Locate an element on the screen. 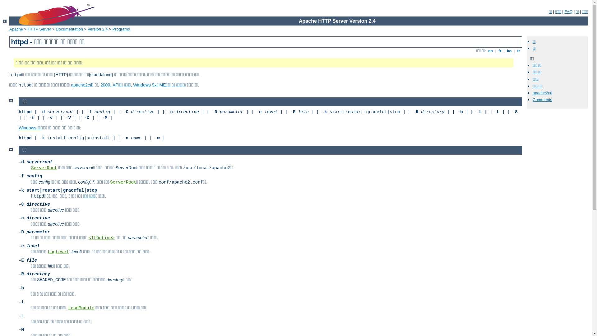  ' en ' is located at coordinates (490, 50).